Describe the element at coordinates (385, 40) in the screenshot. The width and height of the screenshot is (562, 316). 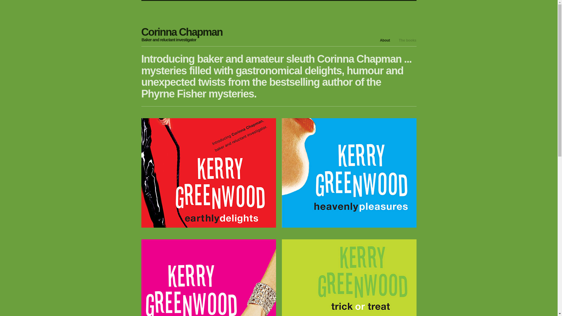
I see `'About'` at that location.